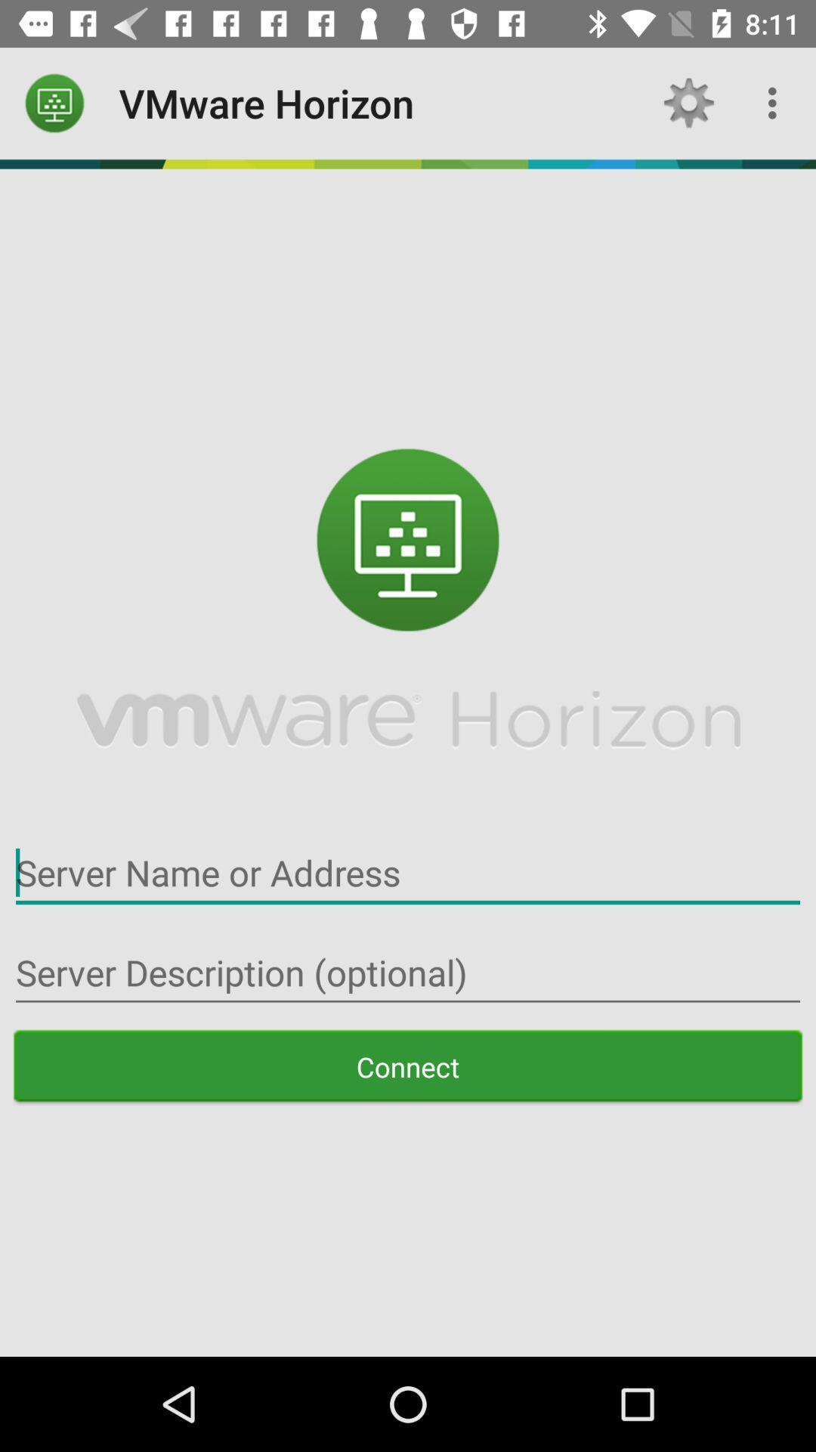  I want to click on space to enter description, so click(408, 973).